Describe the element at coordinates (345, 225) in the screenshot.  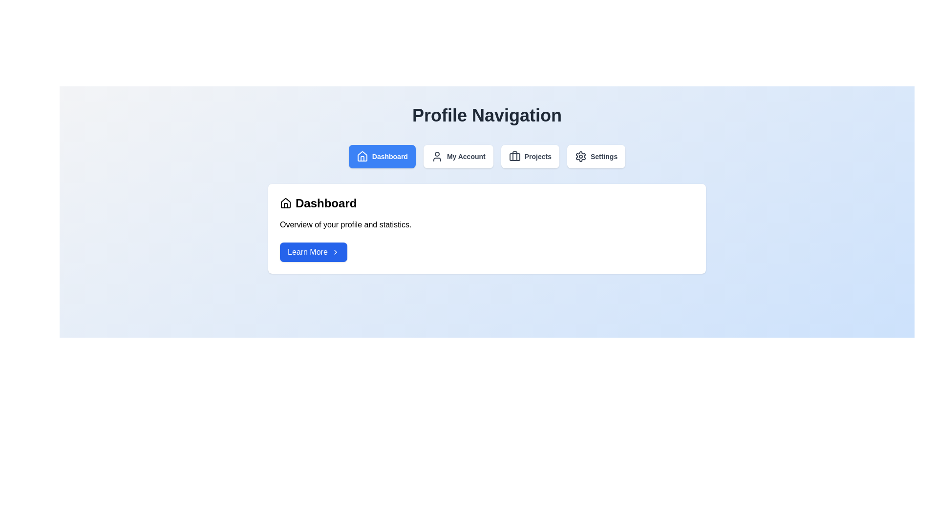
I see `the Text Label that states 'Overview of your profile and statistics.' located below the 'Dashboard' heading and above the 'Learn More' button` at that location.